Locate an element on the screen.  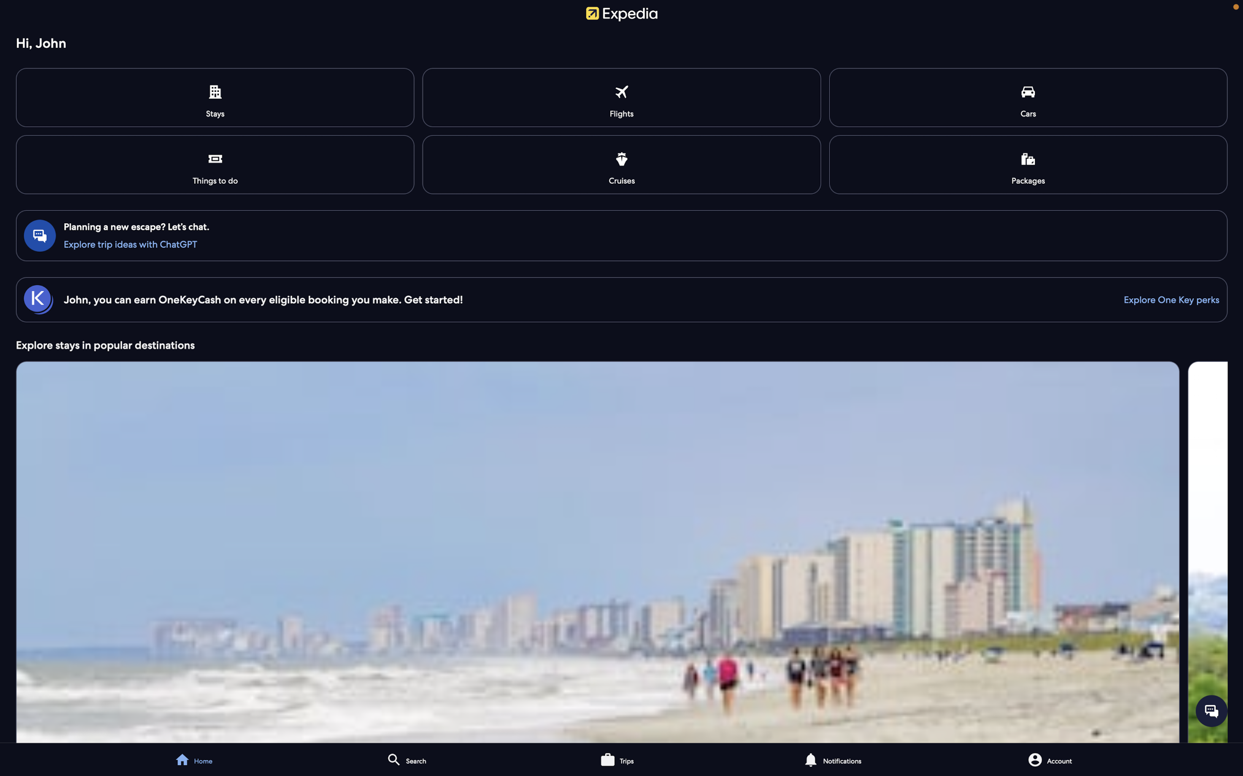
Look for a specific place in Paris is located at coordinates (453, 759).